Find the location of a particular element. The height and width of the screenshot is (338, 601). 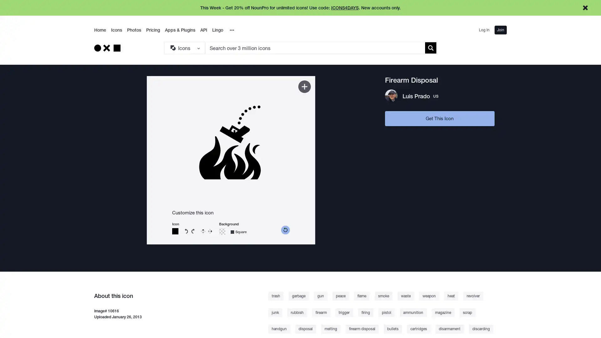

Get This Icon is located at coordinates (439, 118).